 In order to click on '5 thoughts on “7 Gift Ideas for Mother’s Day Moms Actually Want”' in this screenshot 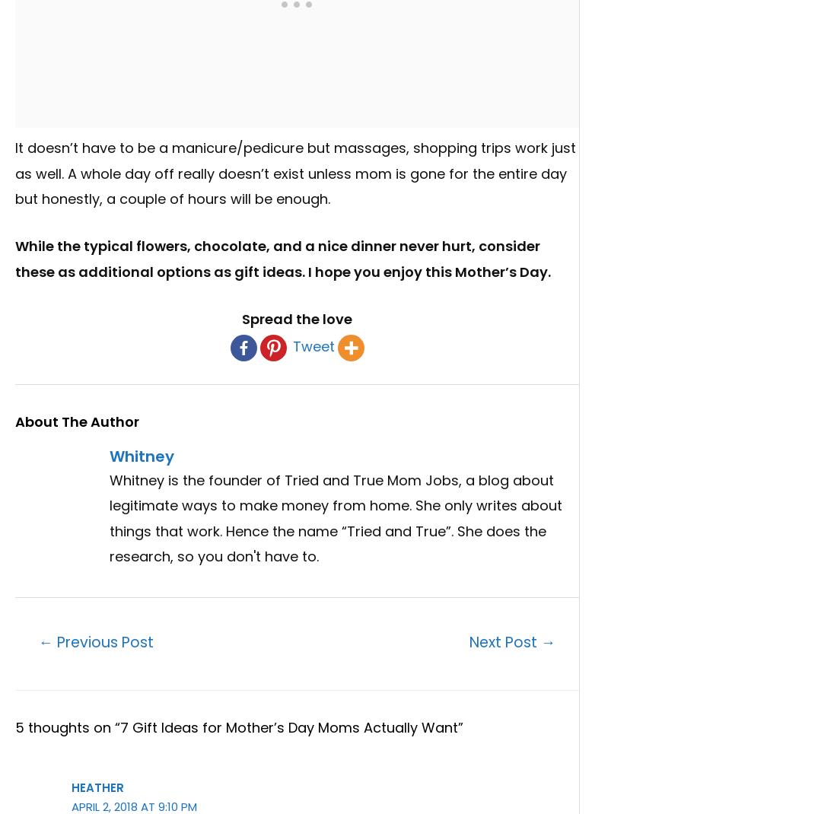, I will do `click(238, 726)`.